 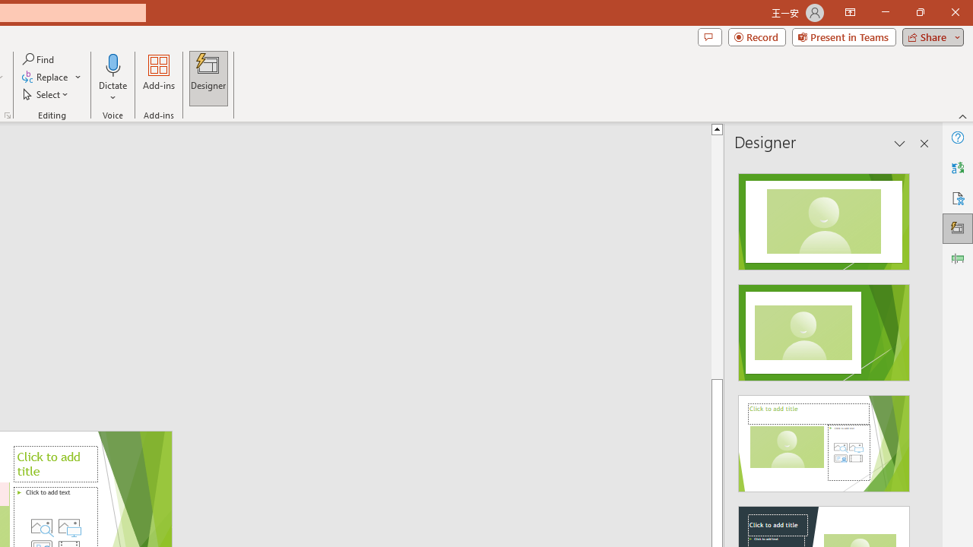 What do you see at coordinates (900, 144) in the screenshot?
I see `'Task Pane Options'` at bounding box center [900, 144].